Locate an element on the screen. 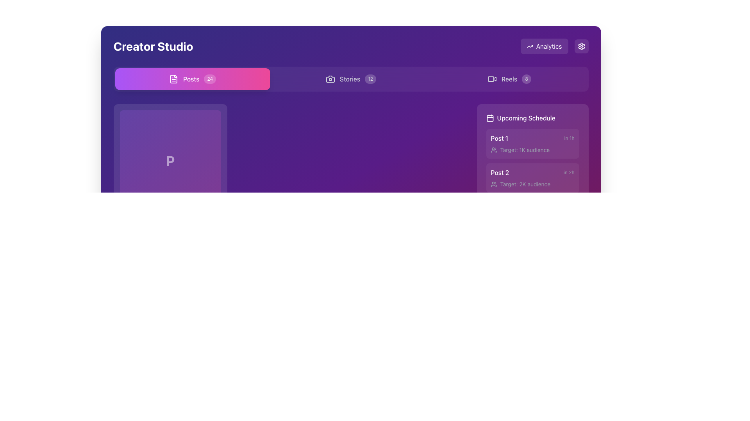 This screenshot has width=750, height=421. the text label displaying 'Target: 1K audience', located under the 'Upcoming Schedule' section associated with 'Post 1', next to the user groups icon is located at coordinates (525, 150).